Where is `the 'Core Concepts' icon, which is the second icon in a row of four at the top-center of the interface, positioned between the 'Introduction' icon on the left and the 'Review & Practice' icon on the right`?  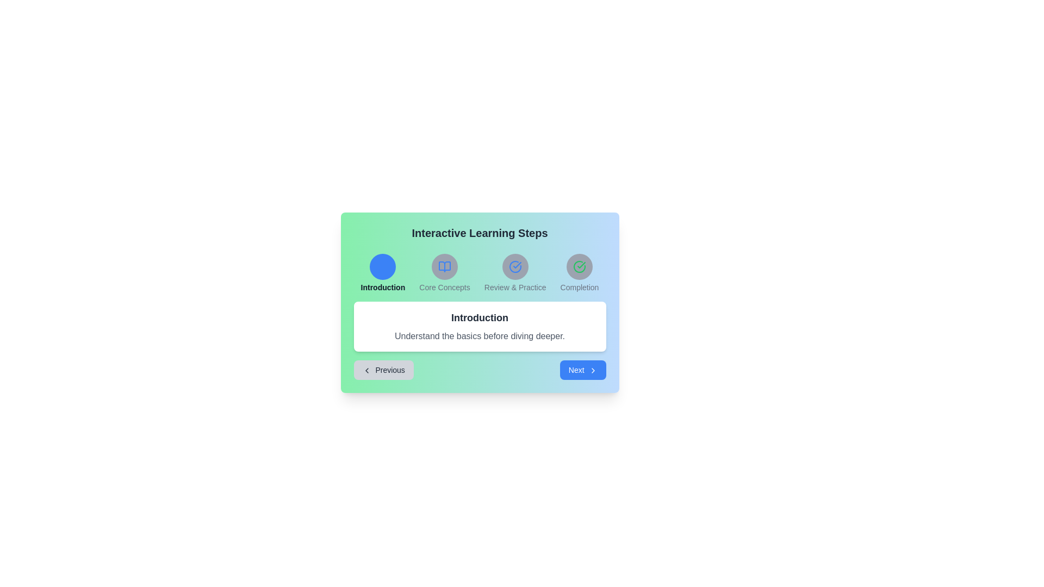
the 'Core Concepts' icon, which is the second icon in a row of four at the top-center of the interface, positioned between the 'Introduction' icon on the left and the 'Review & Practice' icon on the right is located at coordinates (445, 266).